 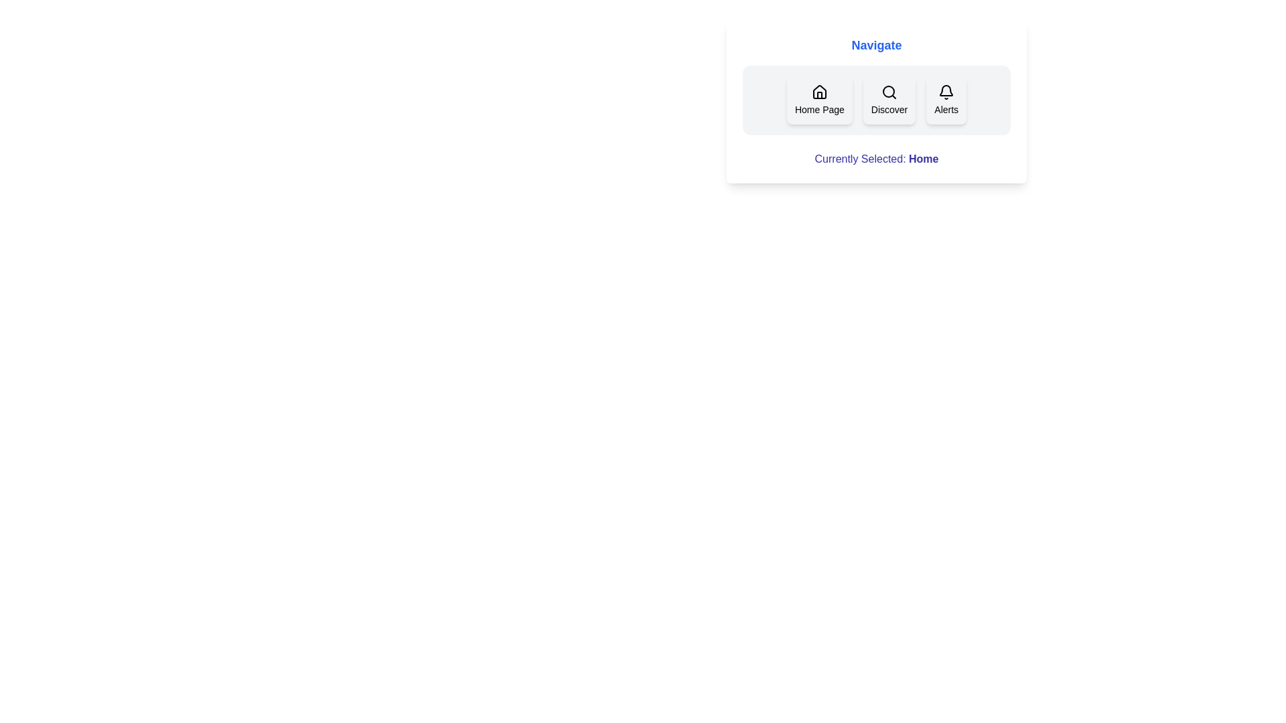 What do you see at coordinates (946, 92) in the screenshot?
I see `the Notification Bell icon located in the 'Alerts' button group` at bounding box center [946, 92].